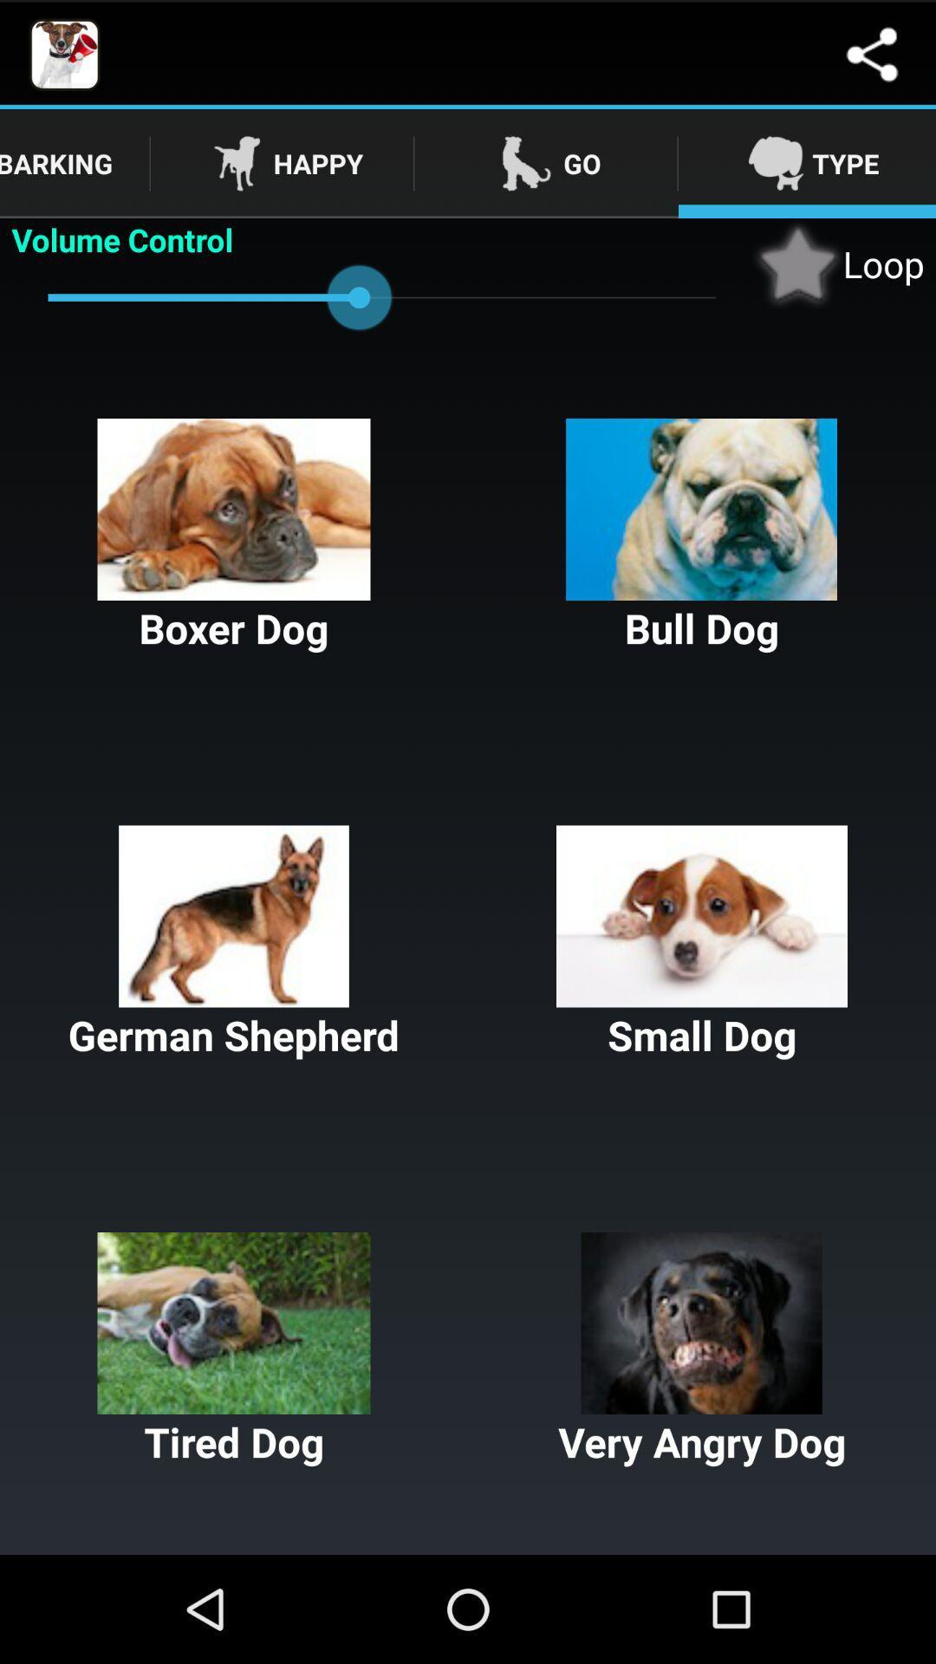 Image resolution: width=936 pixels, height=1664 pixels. What do you see at coordinates (837, 263) in the screenshot?
I see `the app next to volume control app` at bounding box center [837, 263].